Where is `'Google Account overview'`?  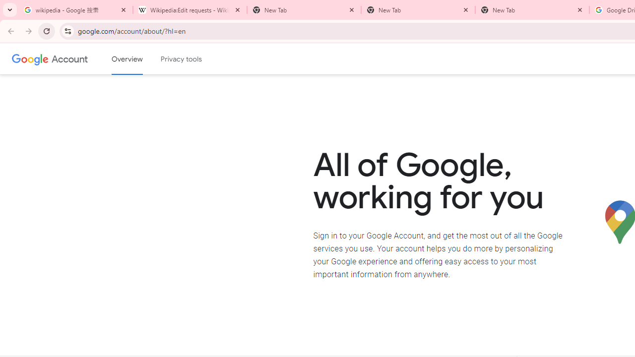 'Google Account overview' is located at coordinates (127, 59).